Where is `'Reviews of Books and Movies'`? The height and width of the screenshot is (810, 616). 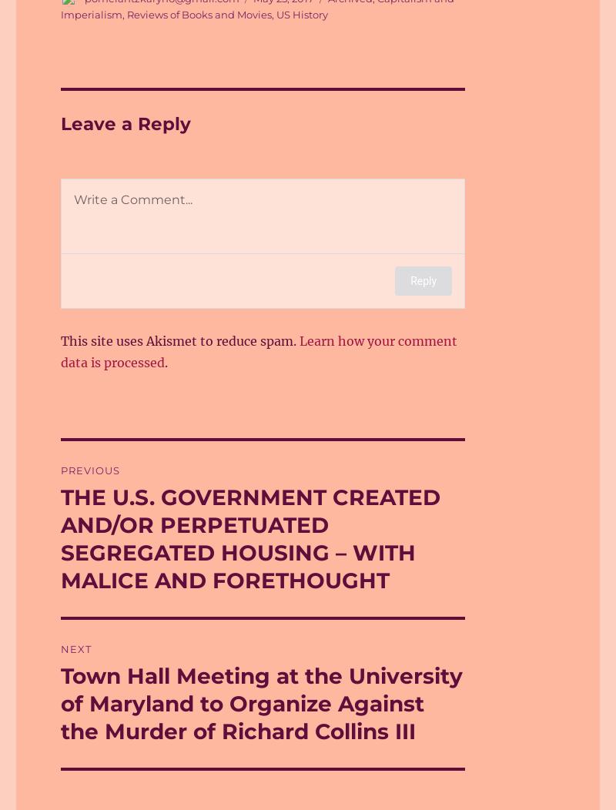
'Reviews of Books and Movies' is located at coordinates (126, 13).